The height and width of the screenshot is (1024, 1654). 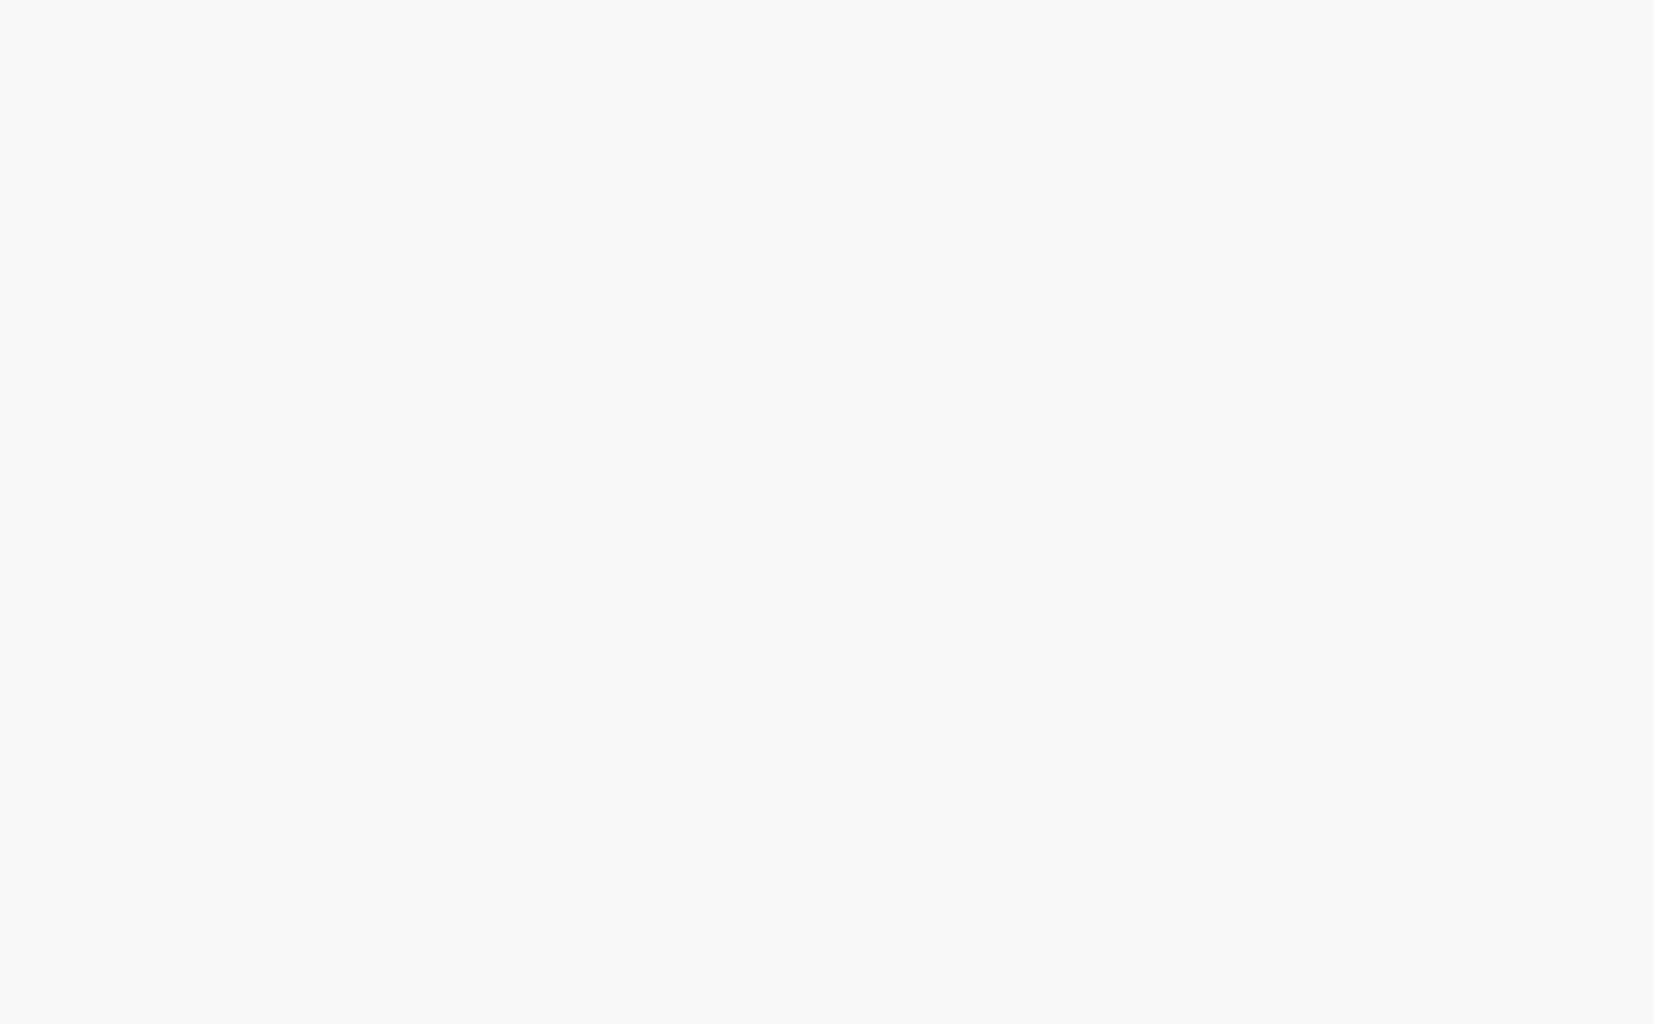 I want to click on 'Random Posts', so click(x=322, y=404).